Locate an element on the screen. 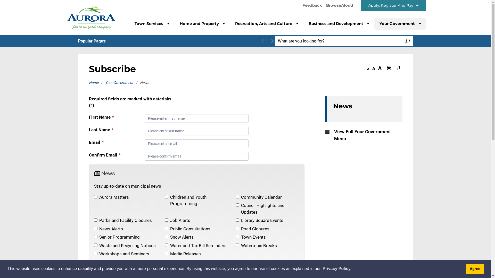 The height and width of the screenshot is (278, 495). 'BrowseAloud' is located at coordinates (339, 7).